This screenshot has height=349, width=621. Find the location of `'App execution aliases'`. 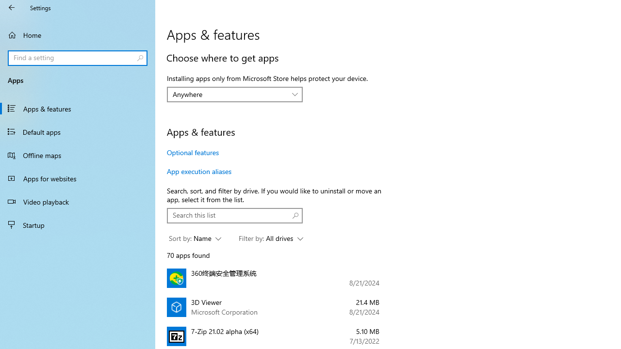

'App execution aliases' is located at coordinates (198, 171).